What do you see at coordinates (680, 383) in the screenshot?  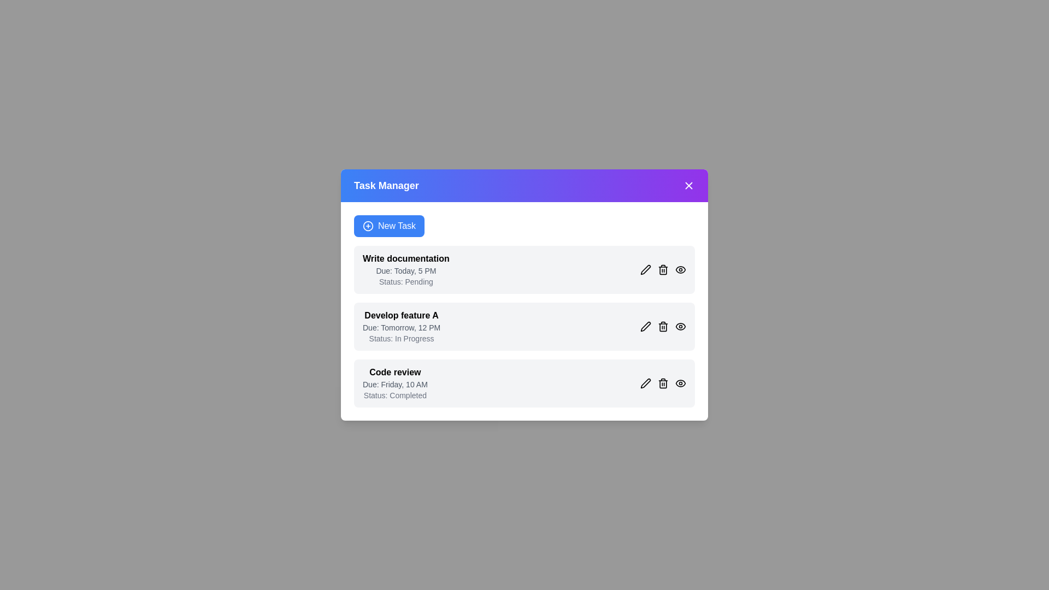 I see `'View' button next to the task titled 'Code review' to view its details` at bounding box center [680, 383].